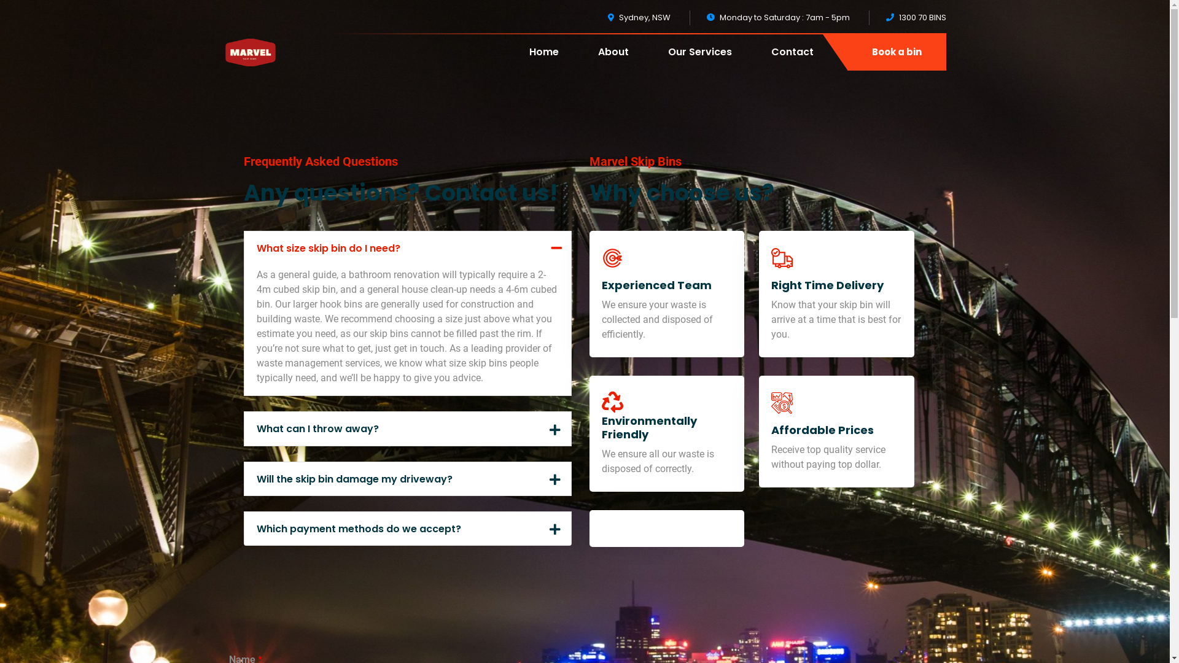 The image size is (1179, 663). I want to click on 'Marvel Skip Bins AU', so click(249, 50).